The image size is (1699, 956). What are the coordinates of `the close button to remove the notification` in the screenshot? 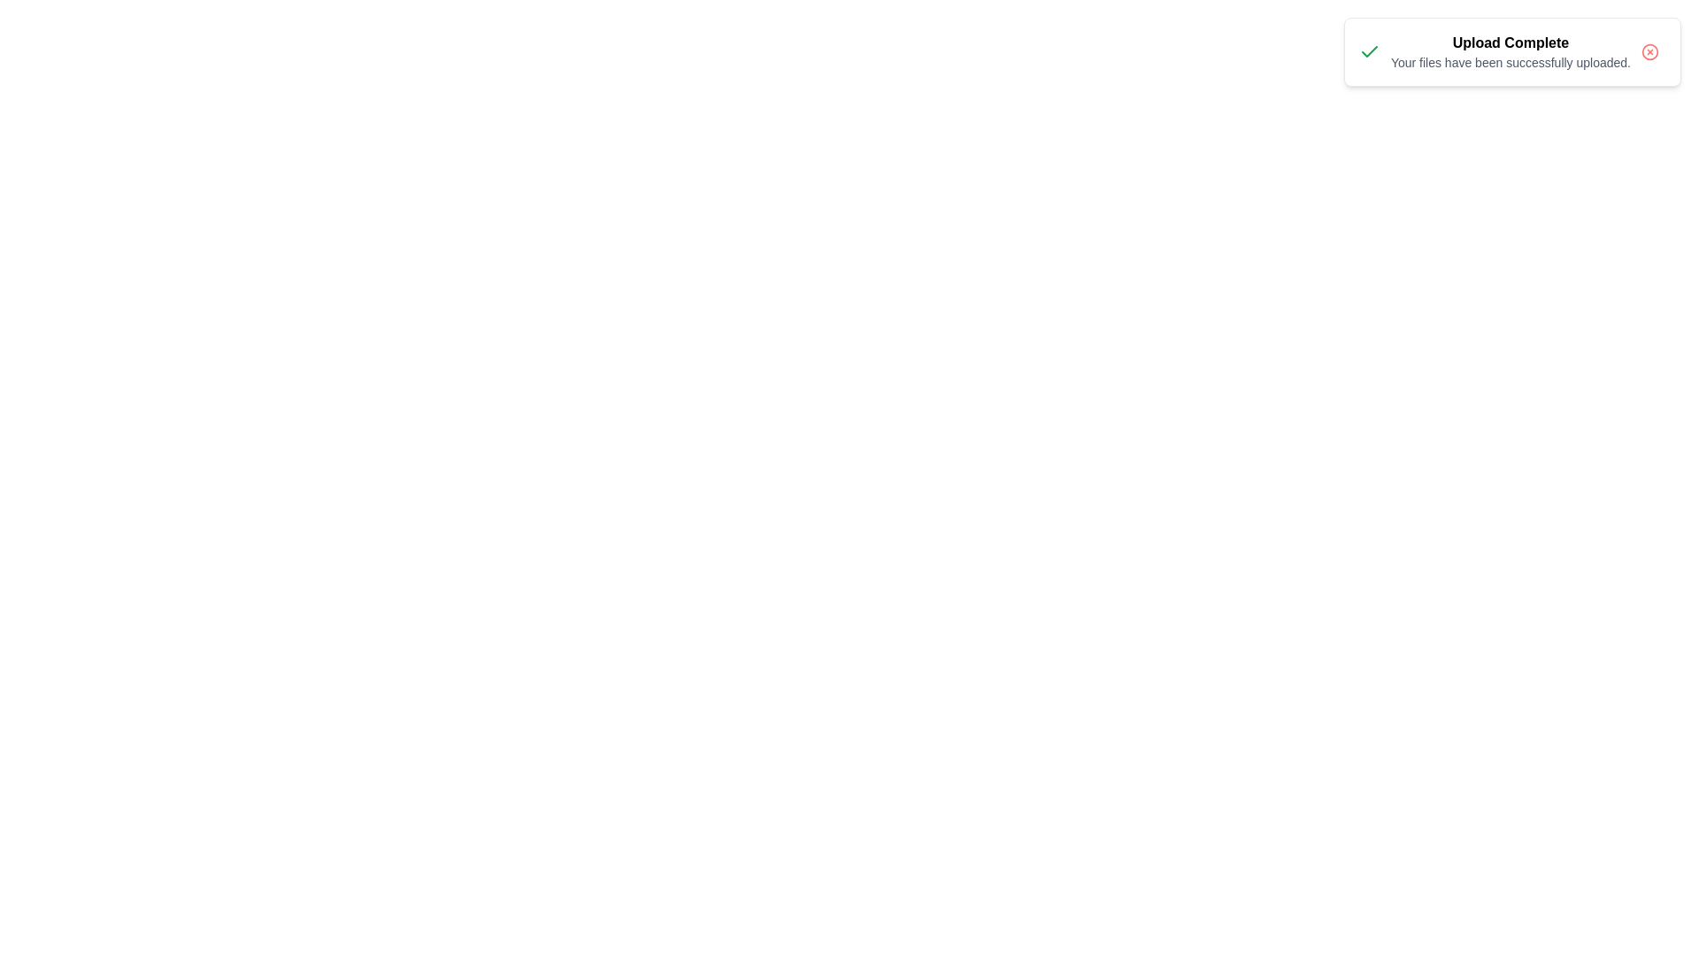 It's located at (1649, 50).